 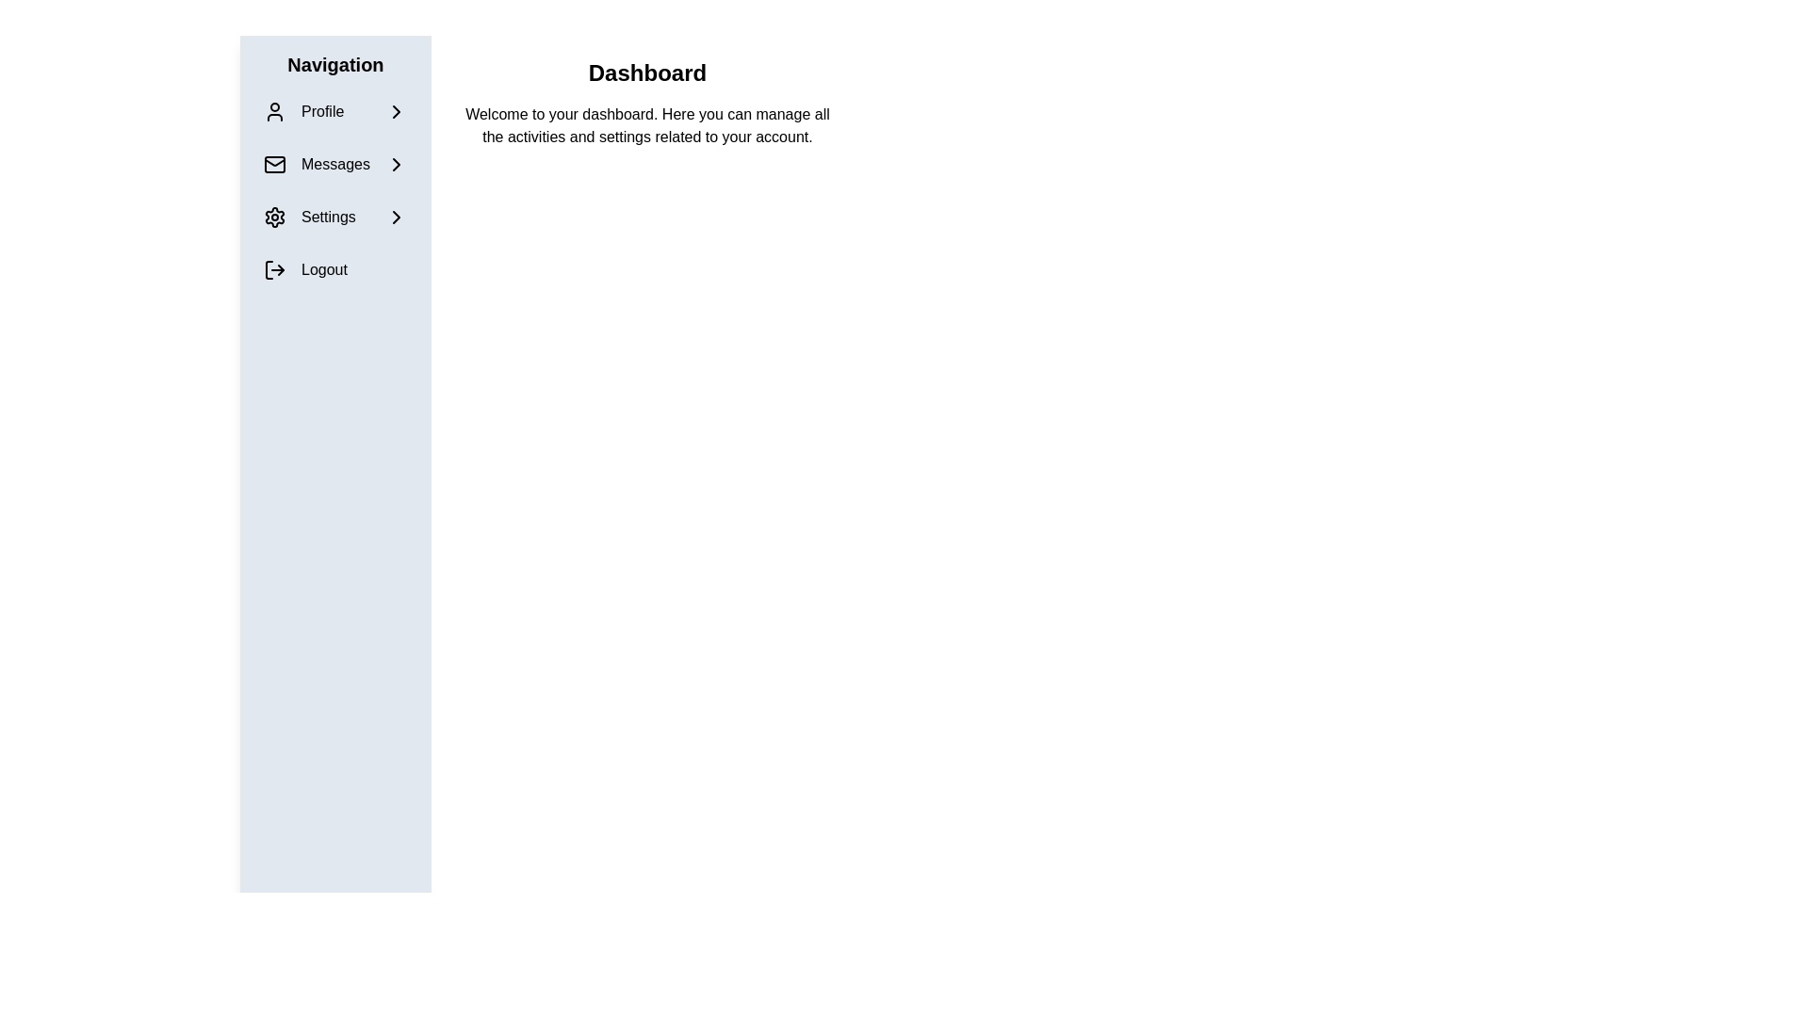 I want to click on the main title heading of the dashboard section located at the upper center of the main content region, so click(x=647, y=72).